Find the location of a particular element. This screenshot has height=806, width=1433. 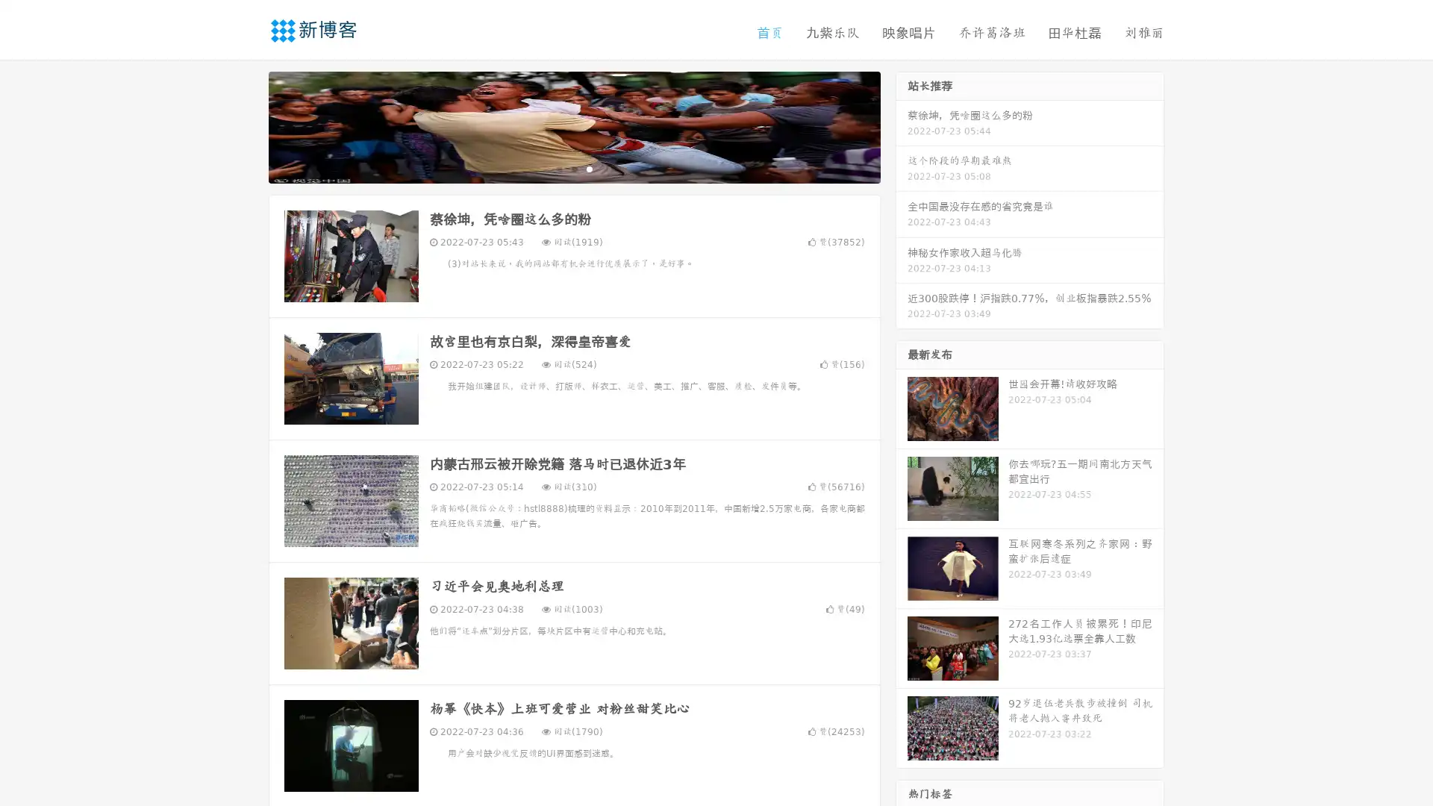

Go to slide 1 is located at coordinates (558, 168).